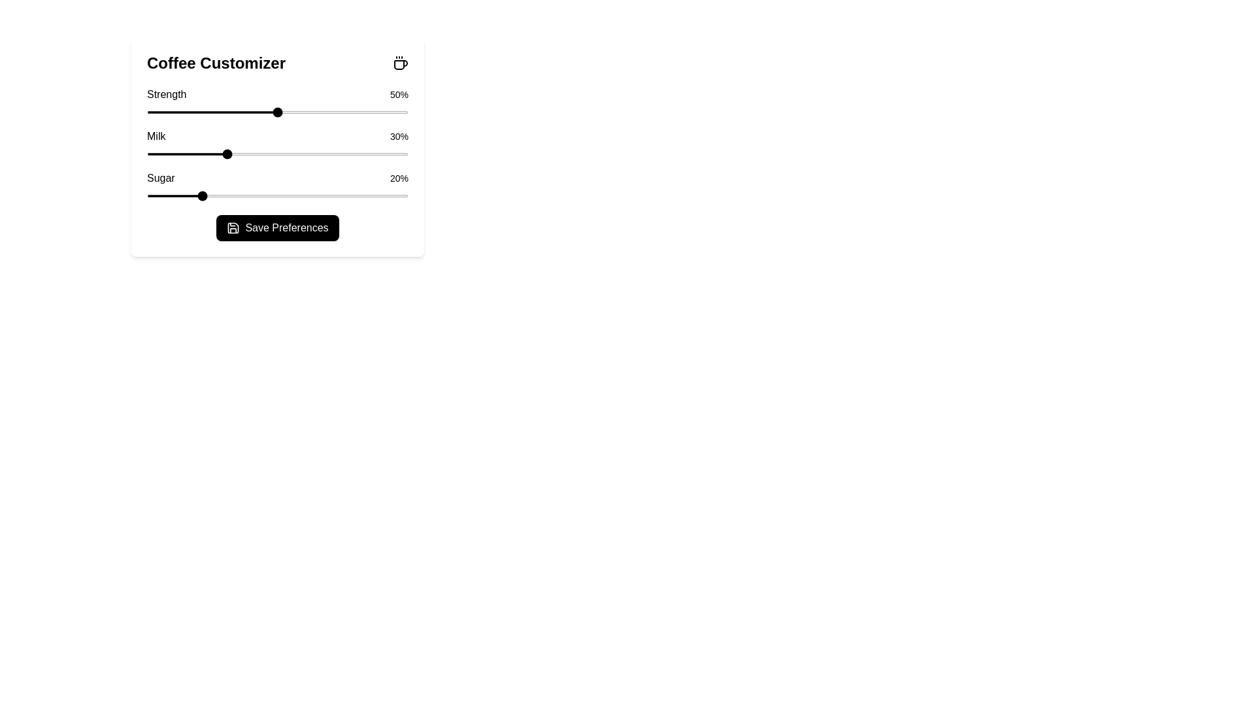 This screenshot has height=706, width=1255. What do you see at coordinates (397, 196) in the screenshot?
I see `sugar level` at bounding box center [397, 196].